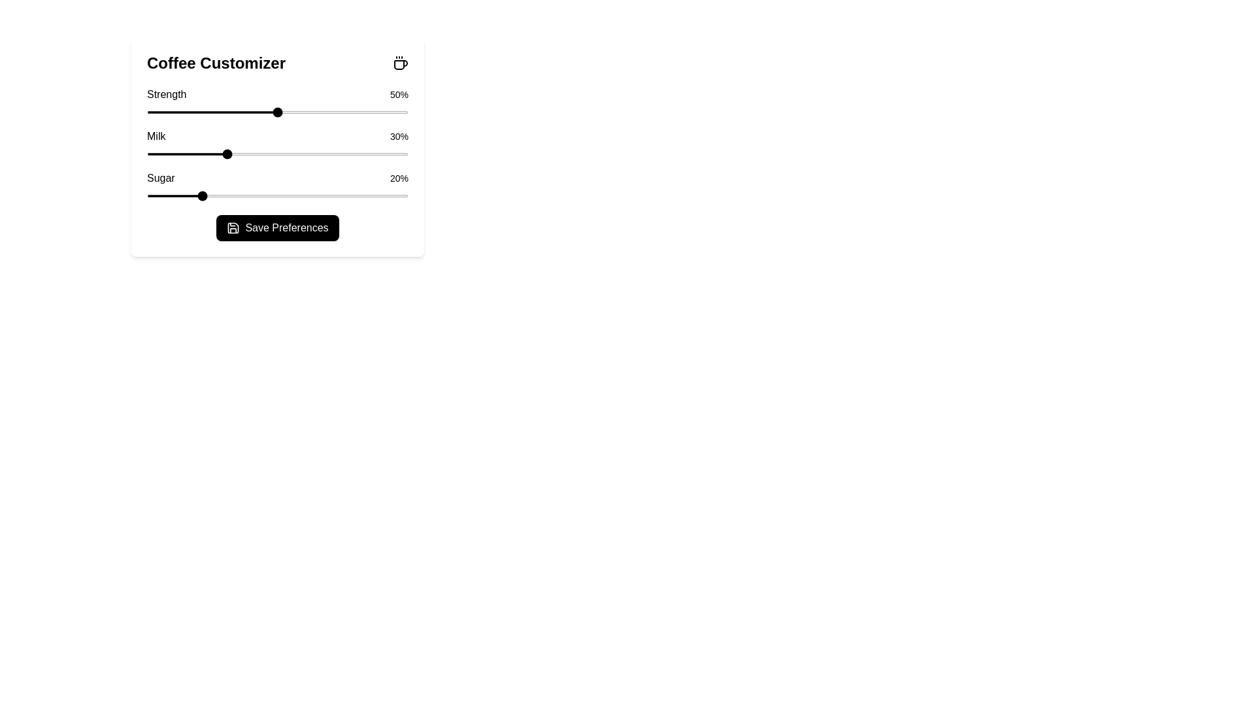 This screenshot has height=706, width=1255. What do you see at coordinates (397, 196) in the screenshot?
I see `sugar level` at bounding box center [397, 196].